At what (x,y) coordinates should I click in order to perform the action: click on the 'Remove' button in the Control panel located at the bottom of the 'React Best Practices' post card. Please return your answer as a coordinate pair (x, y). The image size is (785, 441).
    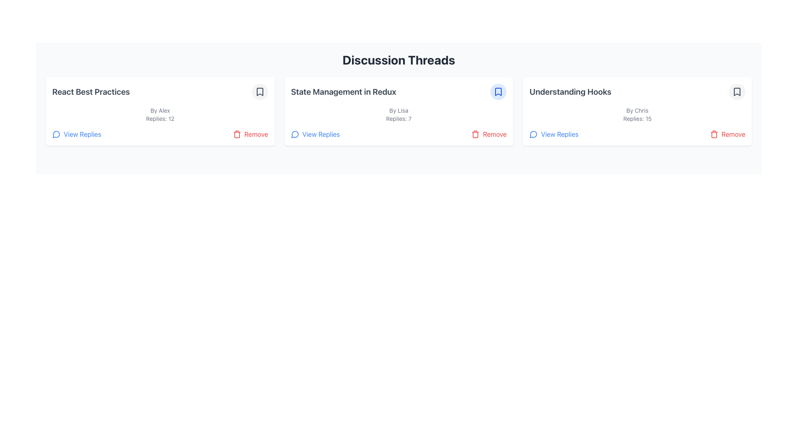
    Looking at the image, I should click on (160, 134).